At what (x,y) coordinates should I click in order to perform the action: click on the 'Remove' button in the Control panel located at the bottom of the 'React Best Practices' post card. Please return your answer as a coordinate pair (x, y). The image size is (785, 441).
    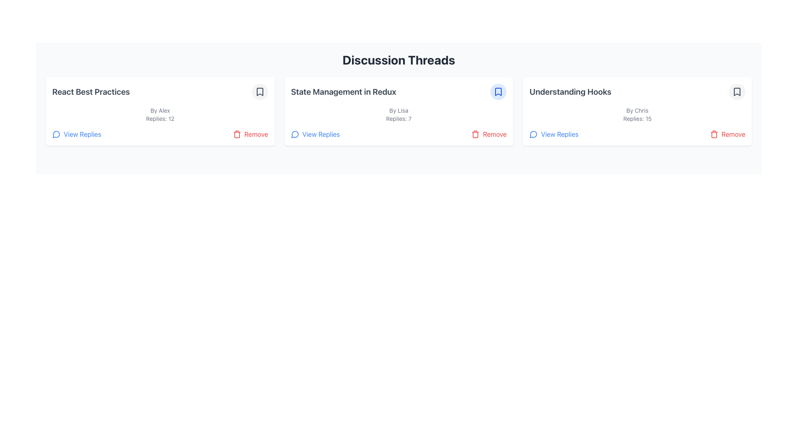
    Looking at the image, I should click on (160, 134).